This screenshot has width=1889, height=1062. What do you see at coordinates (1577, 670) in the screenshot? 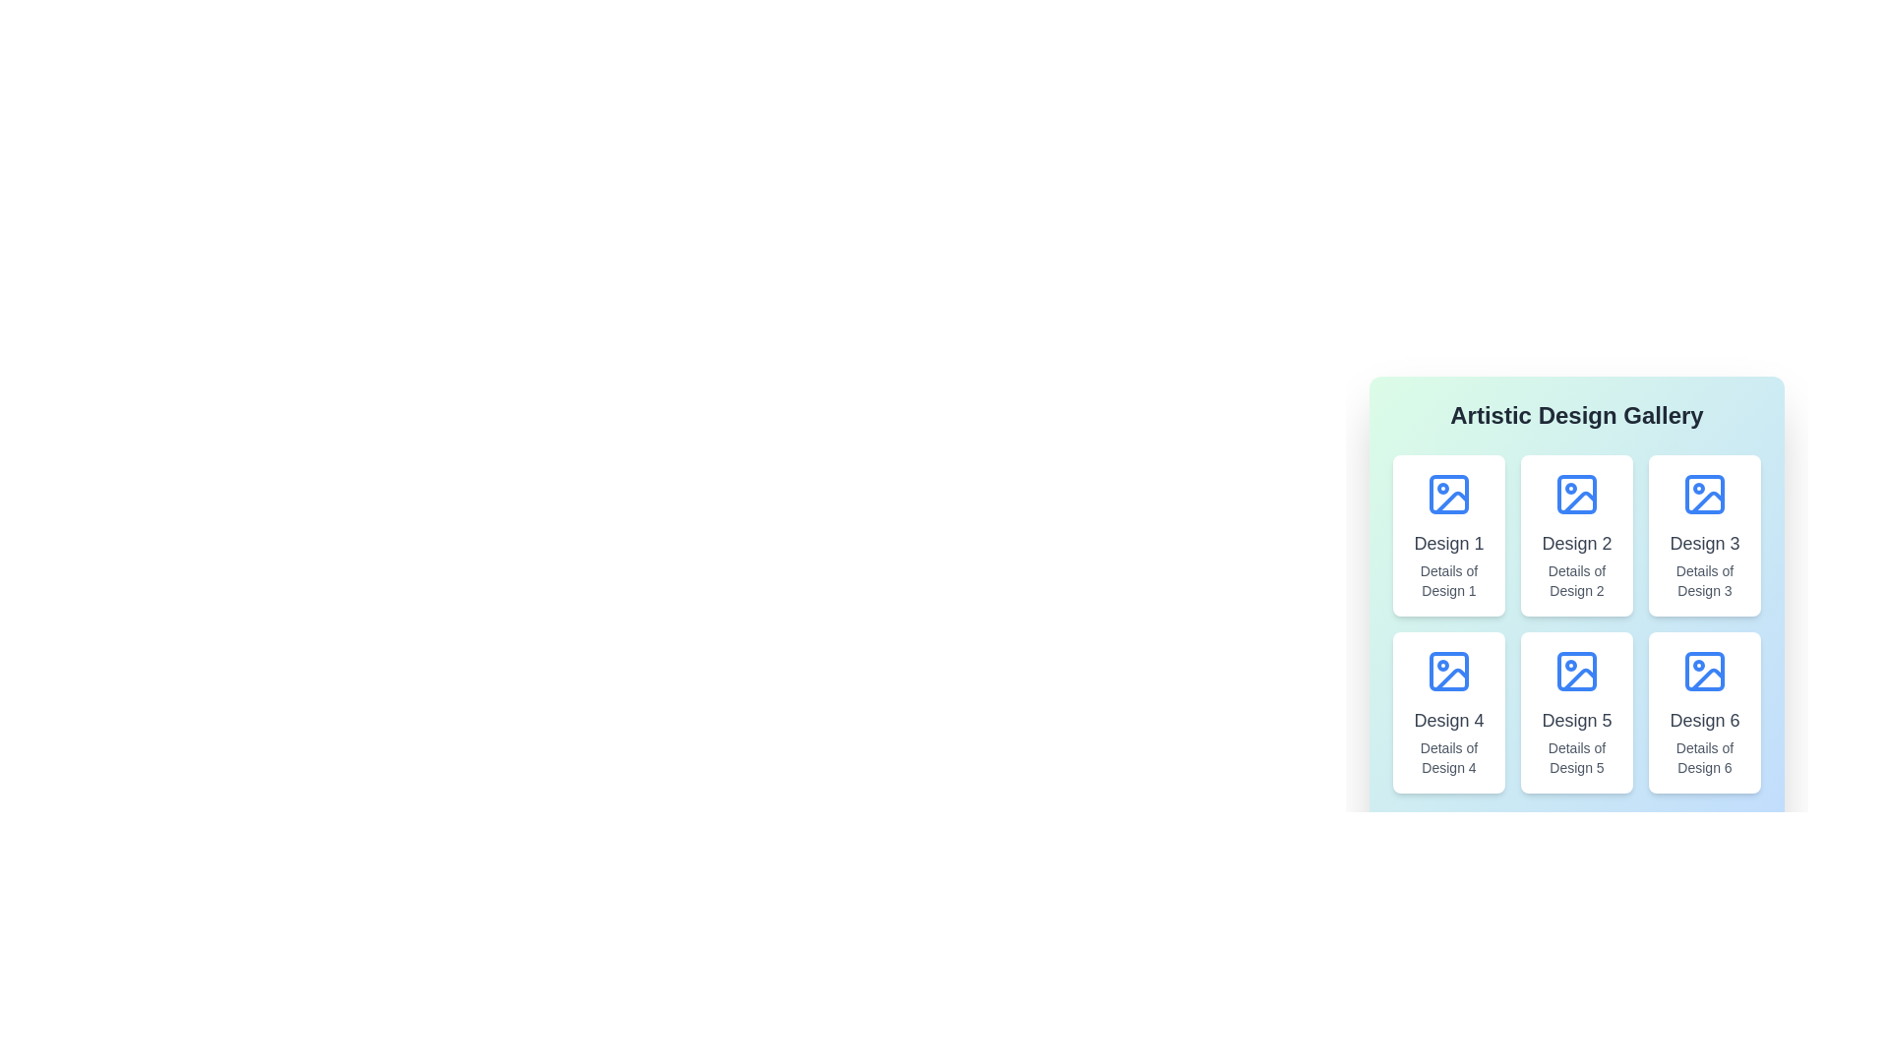
I see `the larger region of the Decorative SVG rectangle located in the center column of the second row within the 'Design 5' card of the Artistic Design Gallery` at bounding box center [1577, 670].